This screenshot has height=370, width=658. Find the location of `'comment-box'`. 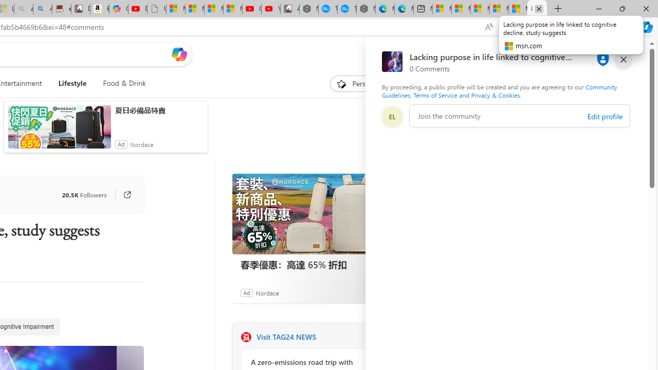

'comment-box' is located at coordinates (520, 116).